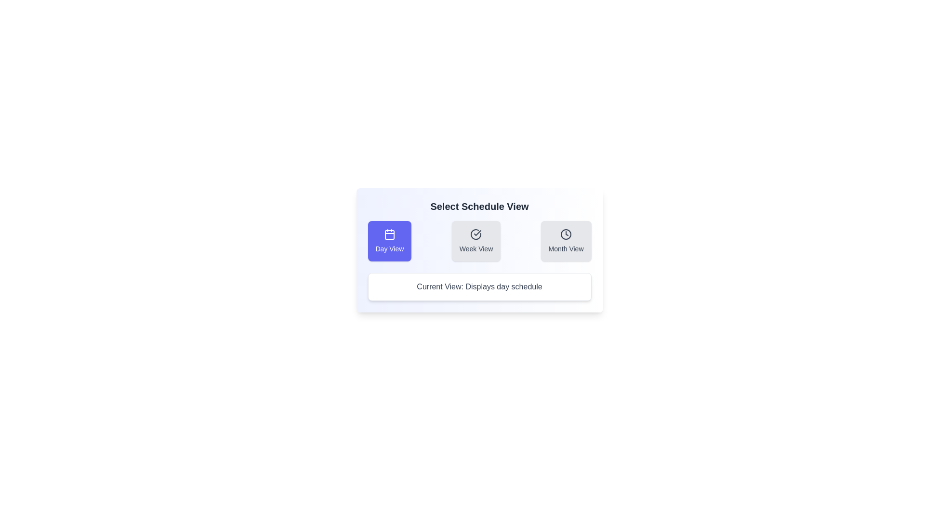 This screenshot has width=925, height=520. Describe the element at coordinates (566, 241) in the screenshot. I see `the button corresponding to the desired schedule view: Month View` at that location.